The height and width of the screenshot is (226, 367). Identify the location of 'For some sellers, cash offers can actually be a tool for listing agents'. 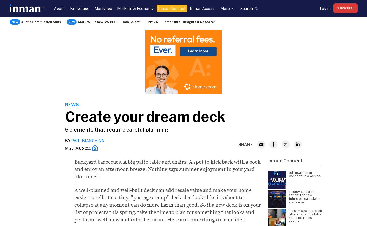
(305, 215).